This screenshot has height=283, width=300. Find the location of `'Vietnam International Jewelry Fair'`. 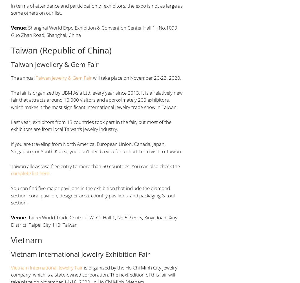

'Vietnam International Jewelry Fair' is located at coordinates (47, 267).